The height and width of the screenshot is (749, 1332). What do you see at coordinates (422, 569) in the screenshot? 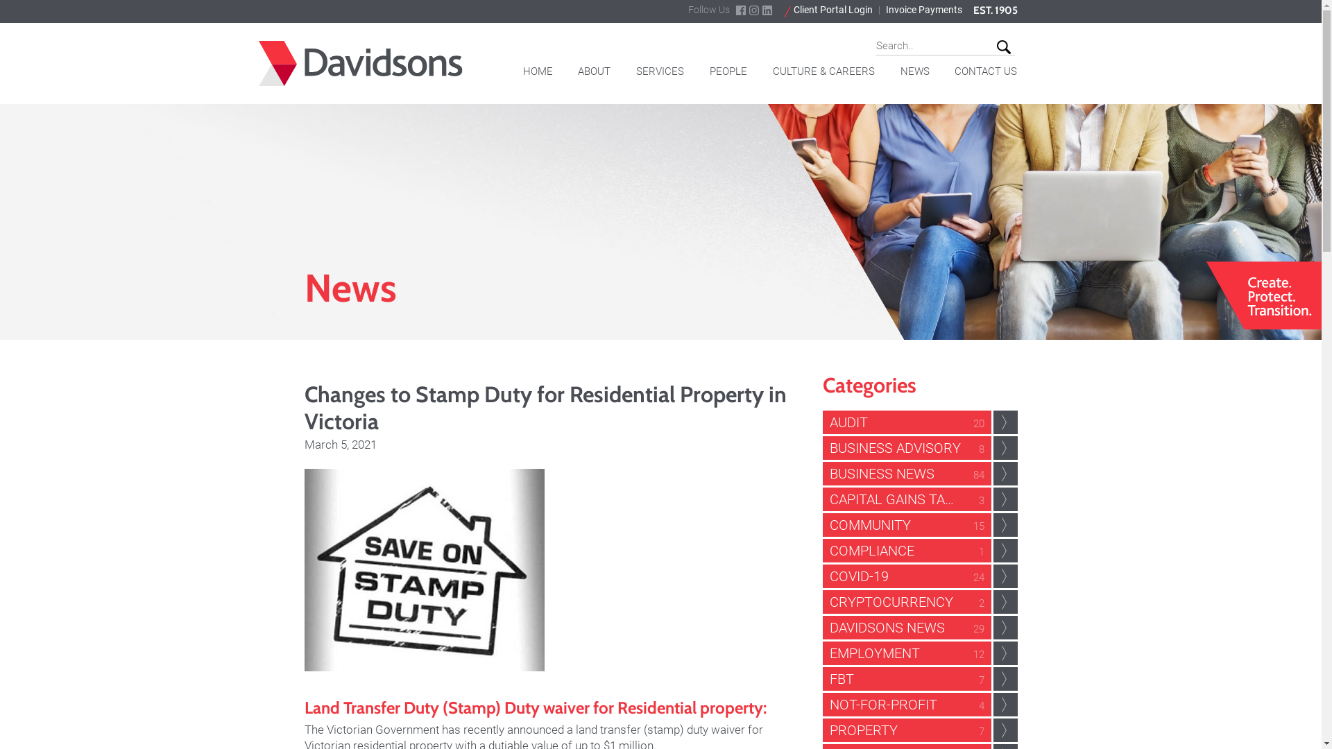
I see `'Changes to Stamp Duty for Residential Property in Victoria'` at bounding box center [422, 569].